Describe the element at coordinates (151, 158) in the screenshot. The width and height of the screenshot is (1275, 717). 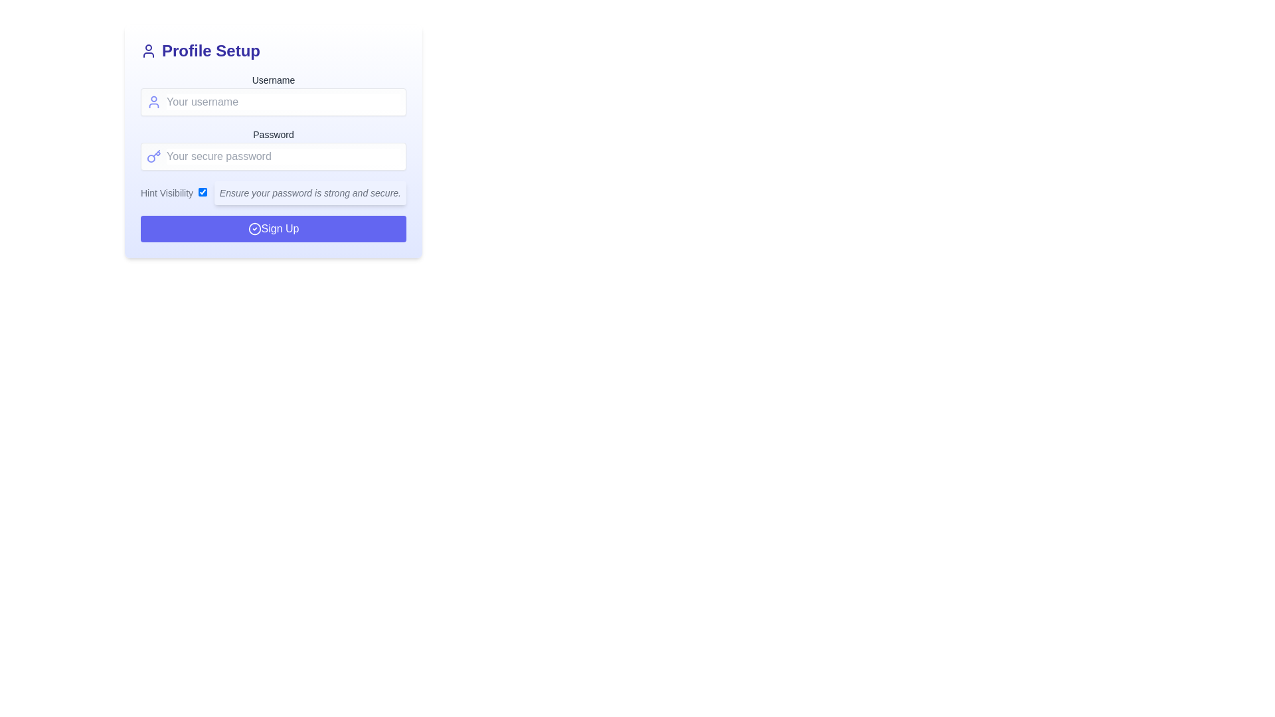
I see `the decorative icon representing a key or locked state, which is part of an SVG graphic located to the left of the password input field` at that location.